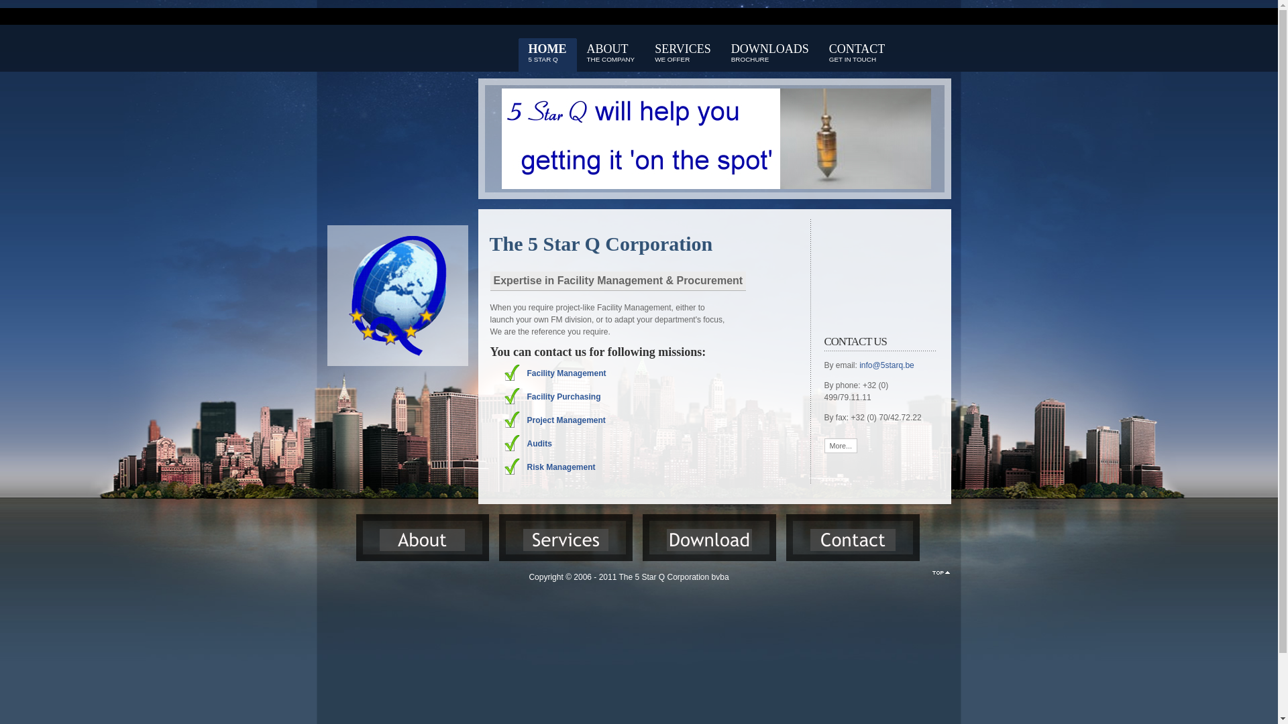  I want to click on 'Facility Management', so click(566, 373).